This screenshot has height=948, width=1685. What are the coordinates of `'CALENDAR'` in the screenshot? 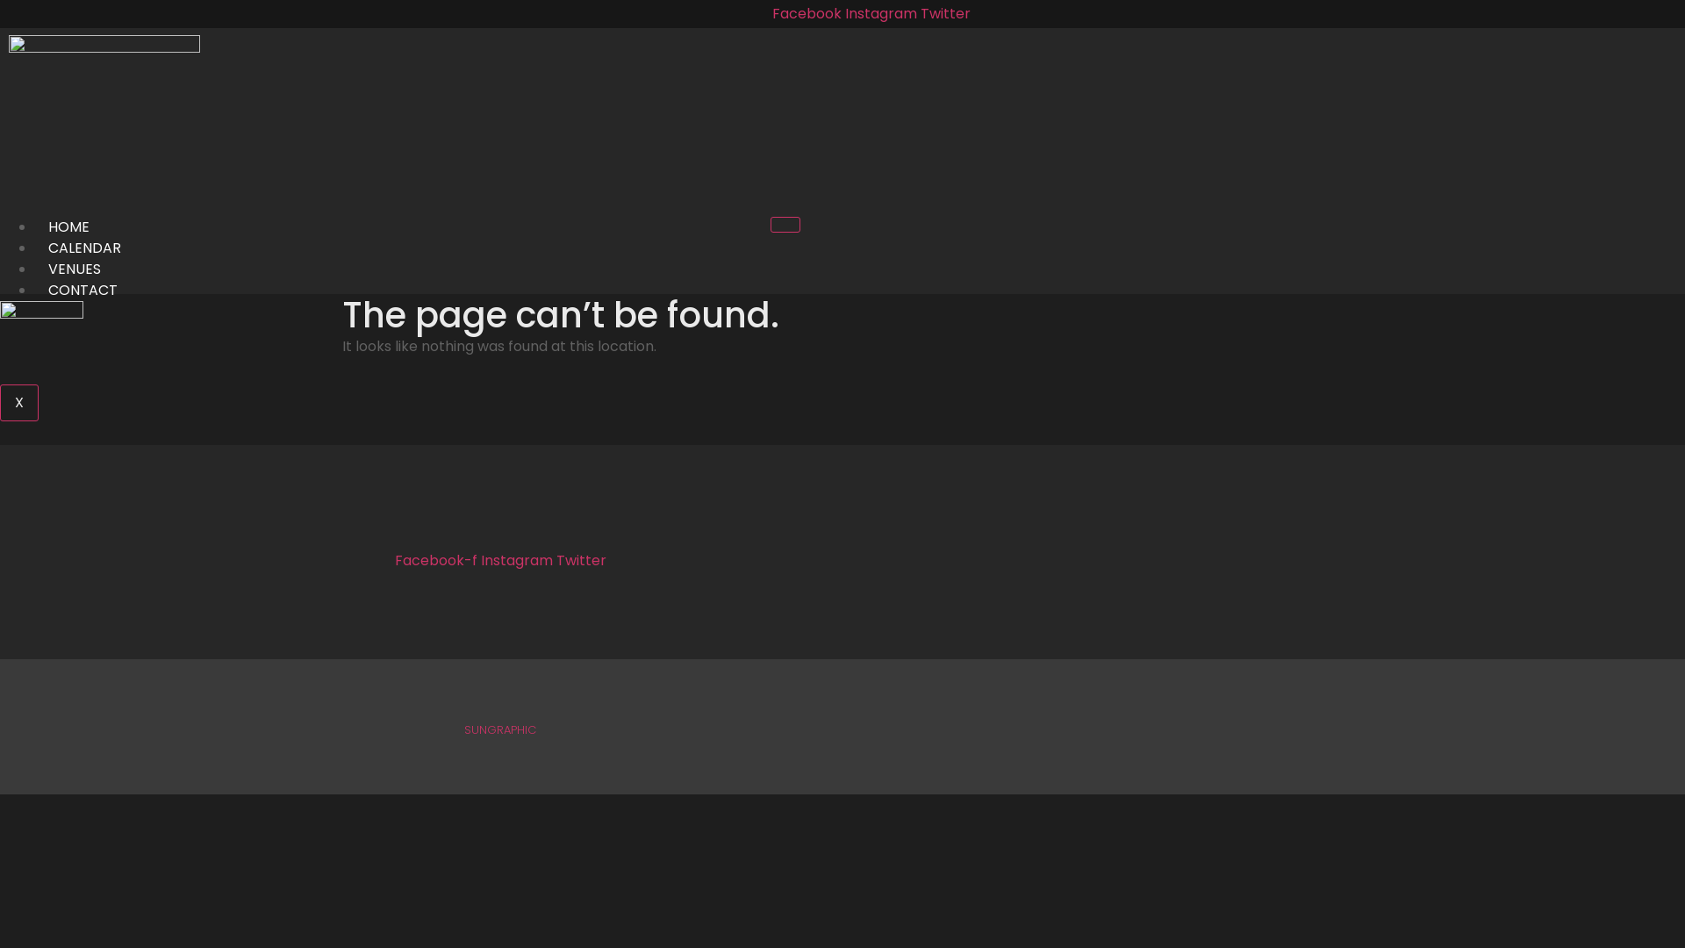 It's located at (34, 248).